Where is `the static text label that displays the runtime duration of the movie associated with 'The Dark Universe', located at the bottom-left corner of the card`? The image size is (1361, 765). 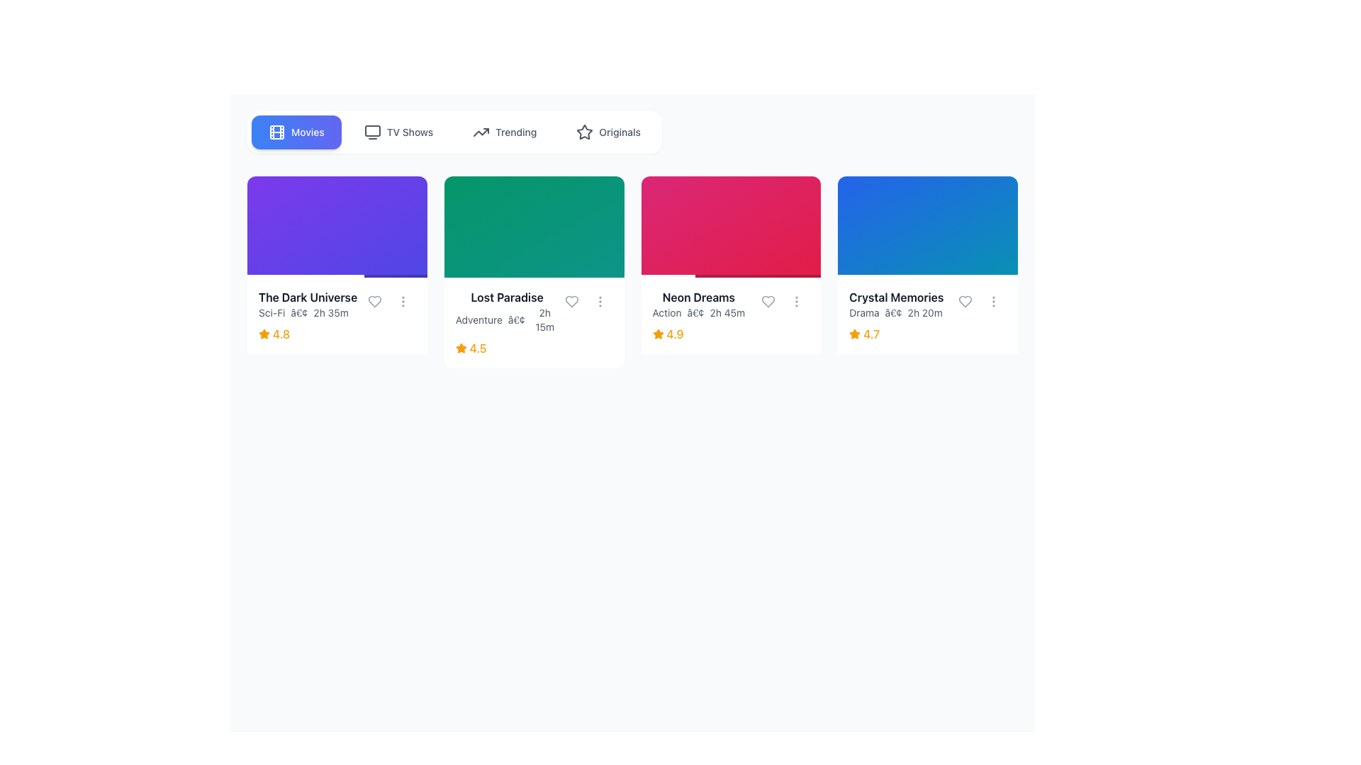 the static text label that displays the runtime duration of the movie associated with 'The Dark Universe', located at the bottom-left corner of the card is located at coordinates (330, 312).